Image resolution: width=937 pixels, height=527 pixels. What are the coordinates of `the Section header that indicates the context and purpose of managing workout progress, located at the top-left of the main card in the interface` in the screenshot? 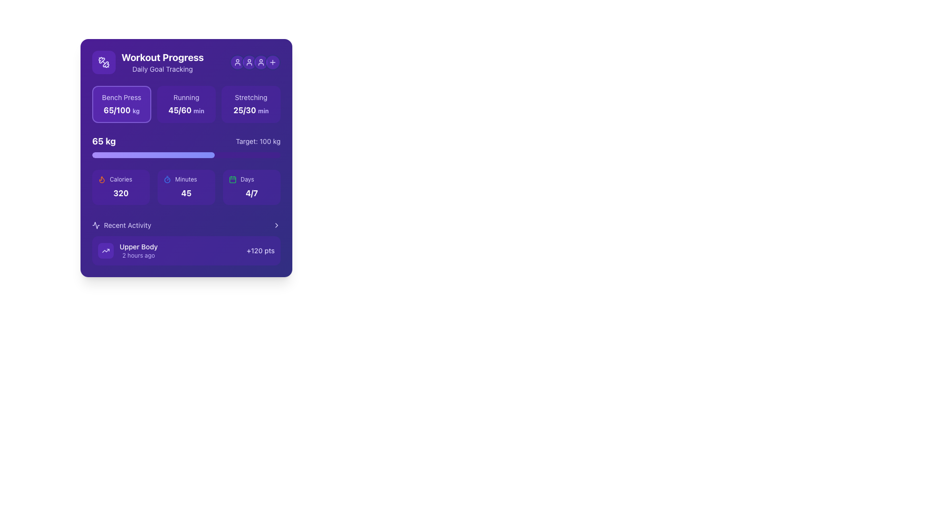 It's located at (147, 62).